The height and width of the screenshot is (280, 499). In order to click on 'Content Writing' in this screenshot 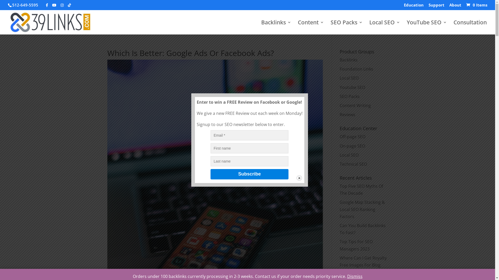, I will do `click(355, 105)`.